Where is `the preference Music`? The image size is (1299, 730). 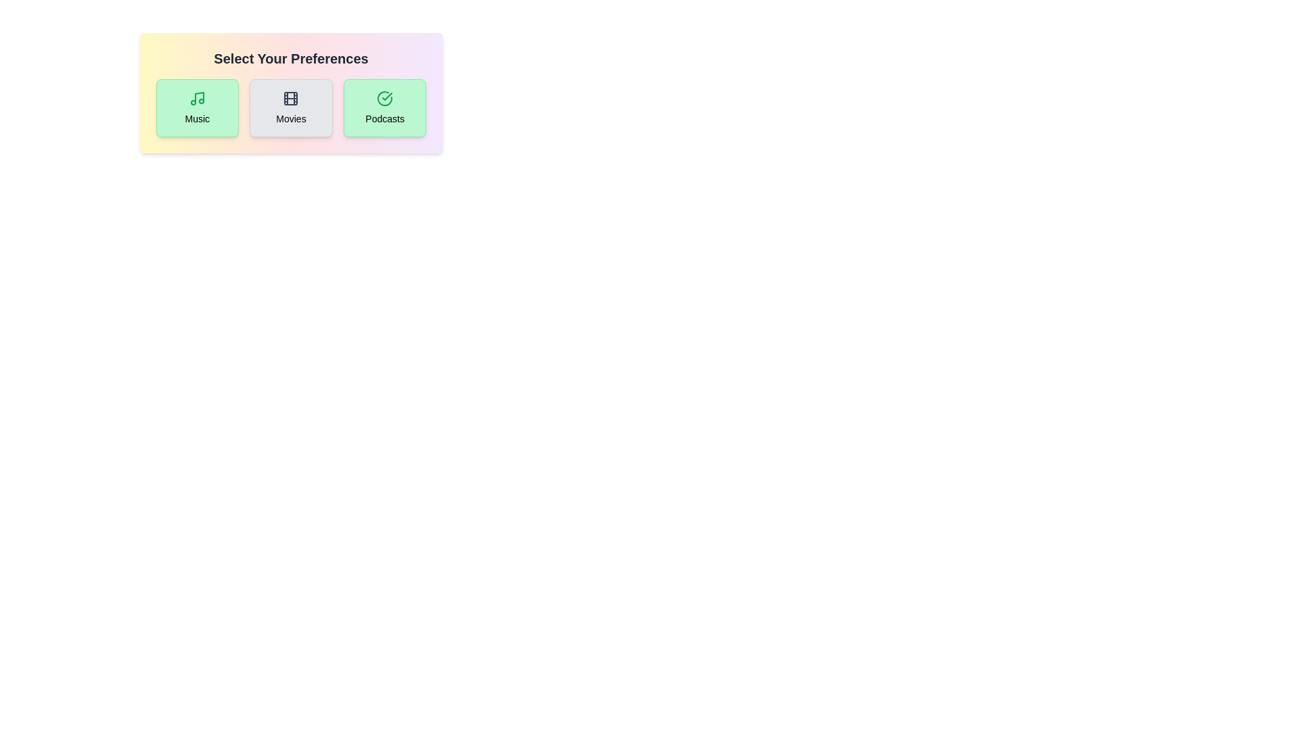 the preference Music is located at coordinates (196, 107).